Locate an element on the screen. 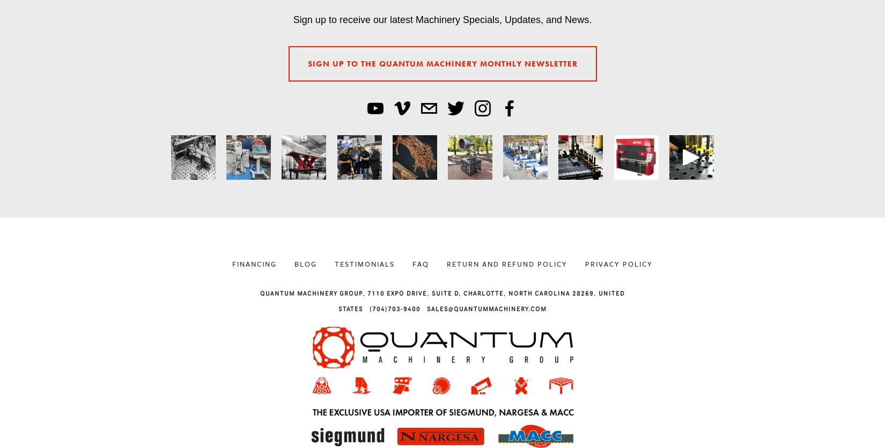  'FAQ' is located at coordinates (412, 263).